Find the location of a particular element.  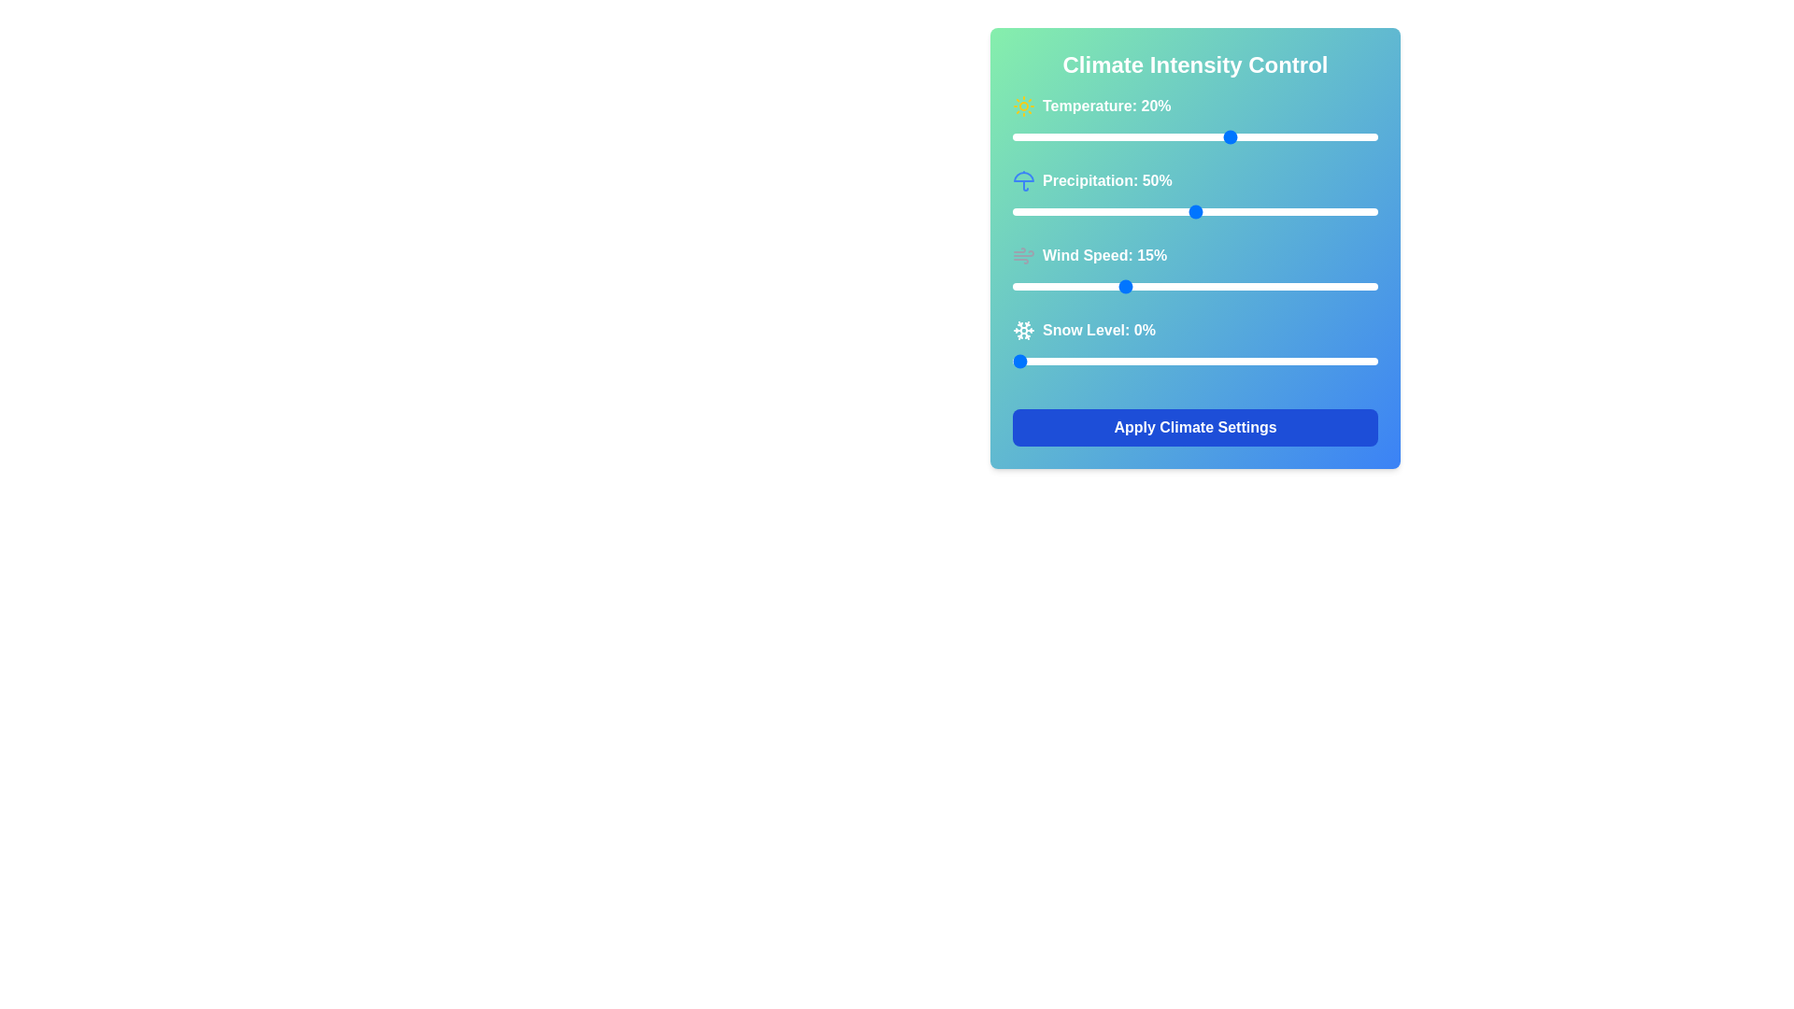

the blue slider thumb of the horizontal Range slider located under the 'Snow Level: 0%' label and above the 'Apply Climate Settings' button in the 'Climate Intensity Control' panel is located at coordinates (1194, 361).